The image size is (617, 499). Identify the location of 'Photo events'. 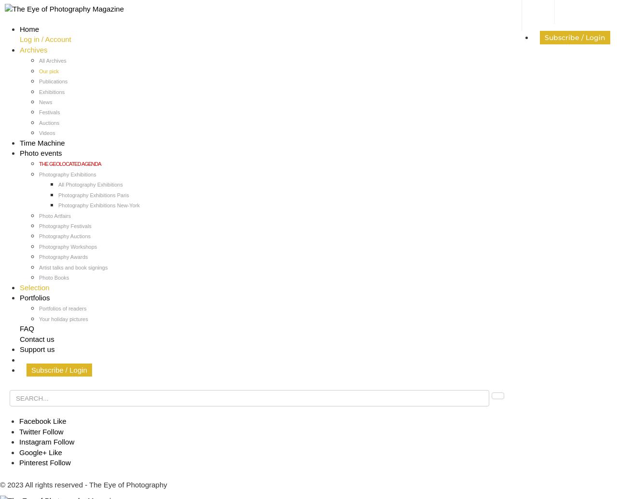
(40, 153).